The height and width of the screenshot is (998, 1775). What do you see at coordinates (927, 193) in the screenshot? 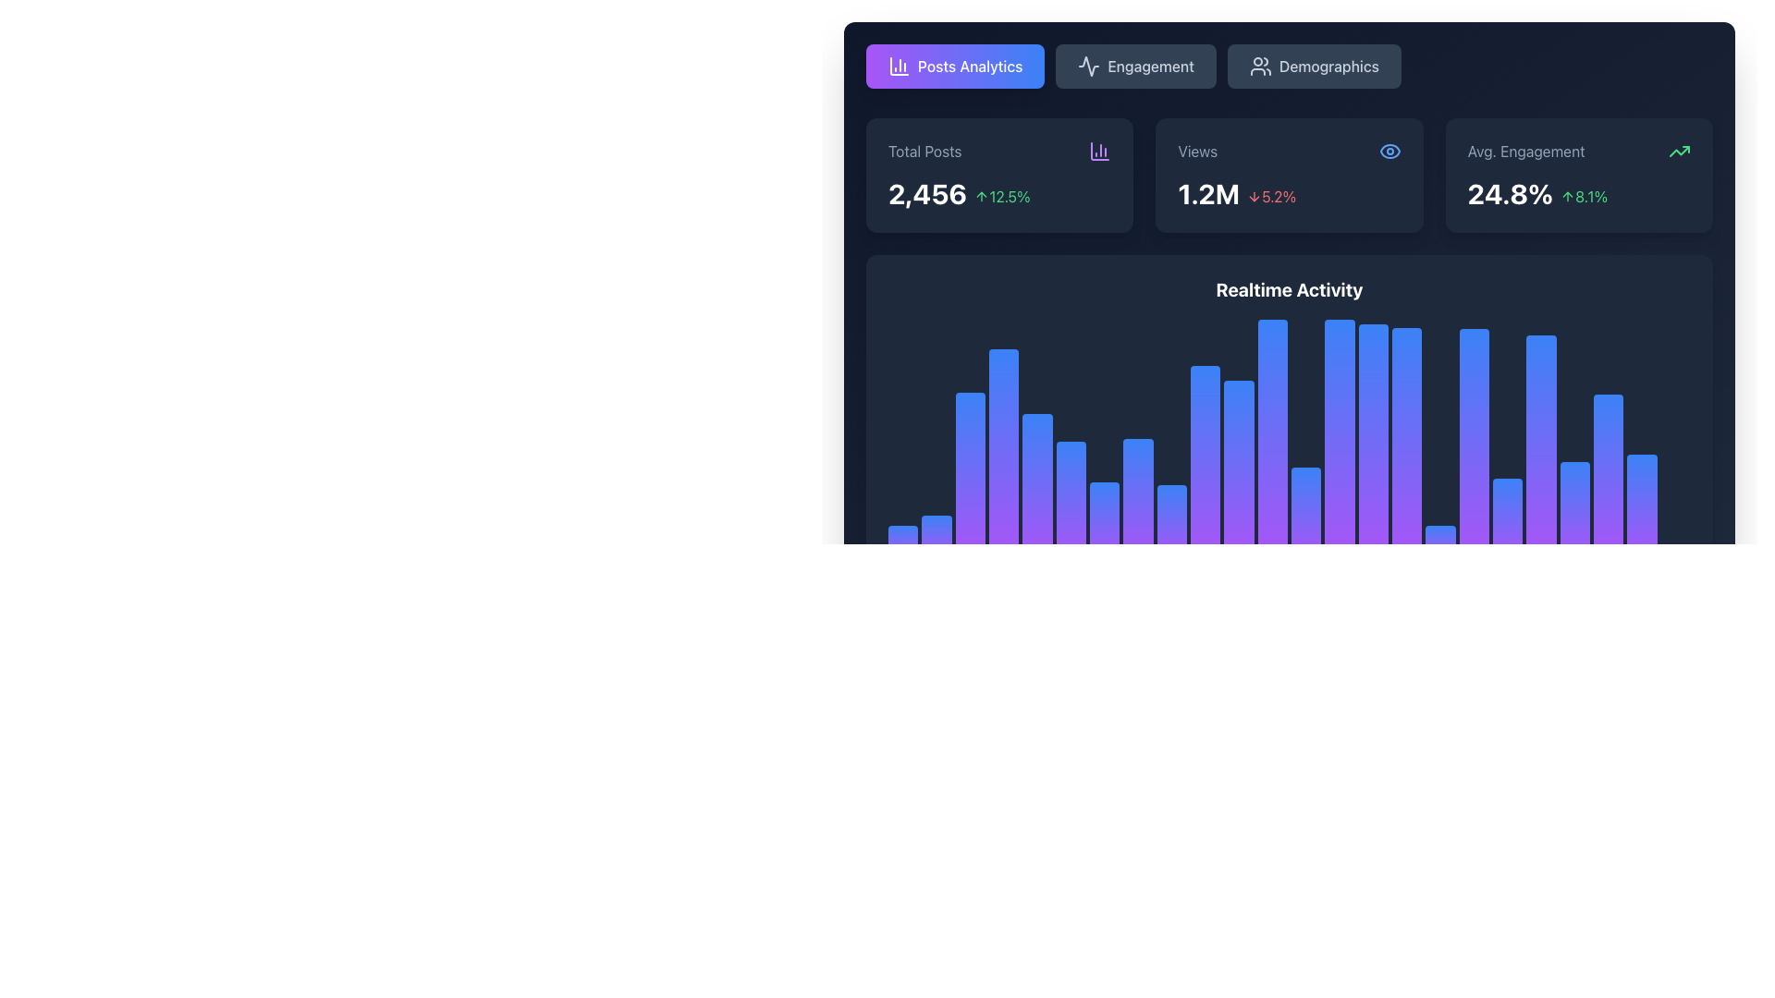
I see `the numeric text component displaying '2,456' on the left side of the 'Total Posts' card in the 'Posts Analytics' section` at bounding box center [927, 193].